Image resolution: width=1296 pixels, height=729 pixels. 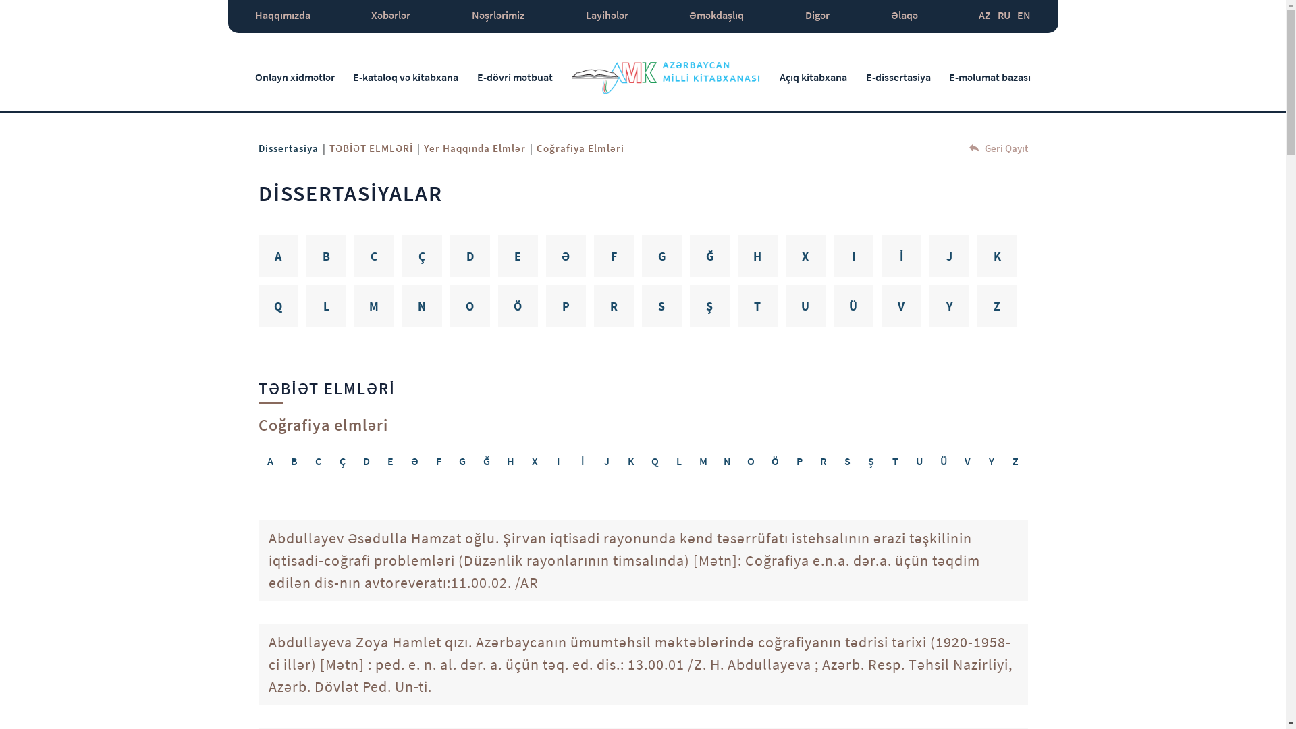 I want to click on 'G', so click(x=463, y=460).